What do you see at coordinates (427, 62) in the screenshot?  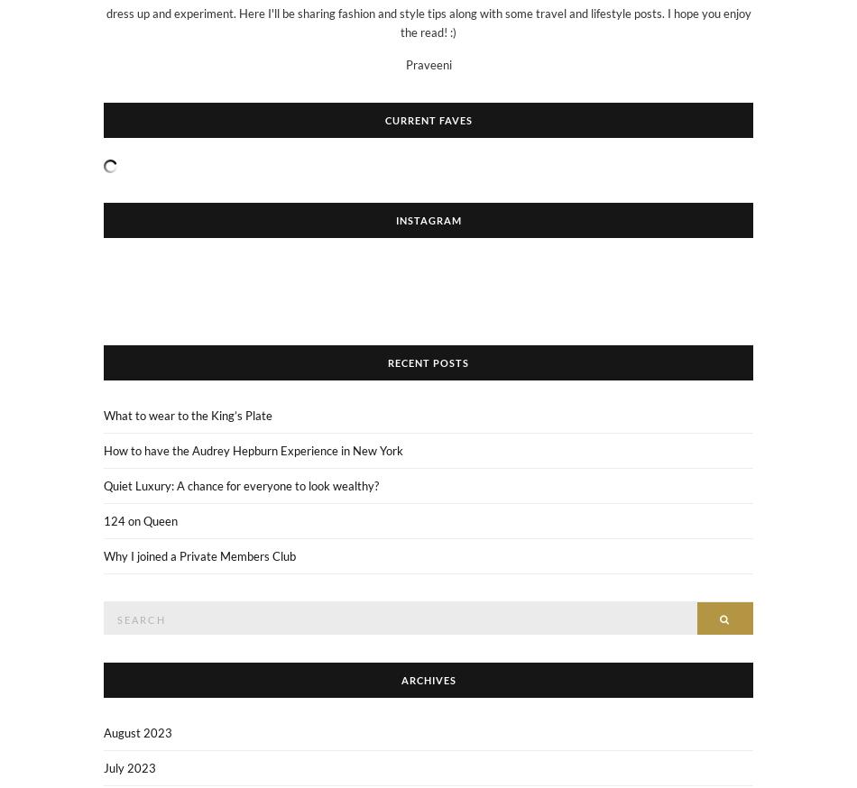 I see `'Praveeni'` at bounding box center [427, 62].